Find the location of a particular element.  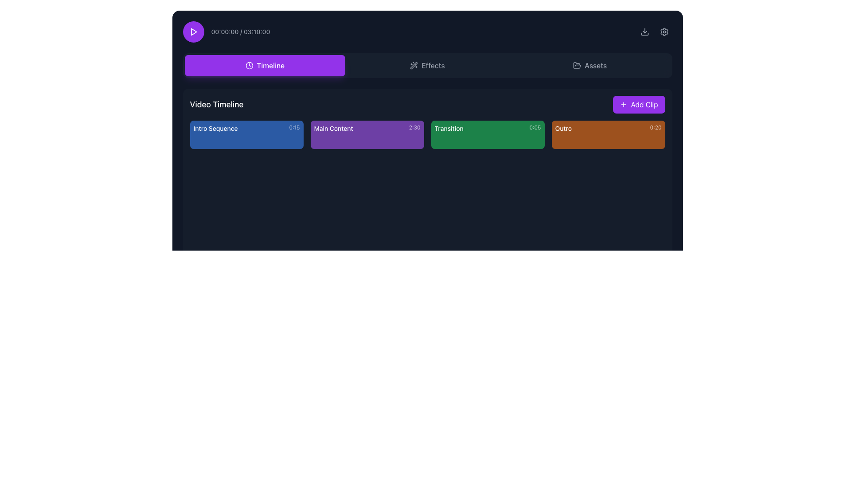

text of the 'Main Content' label, which is a white, small-sized, medium-weight text displayed in a purple rectangular block in the Video Timeline section is located at coordinates (333, 128).